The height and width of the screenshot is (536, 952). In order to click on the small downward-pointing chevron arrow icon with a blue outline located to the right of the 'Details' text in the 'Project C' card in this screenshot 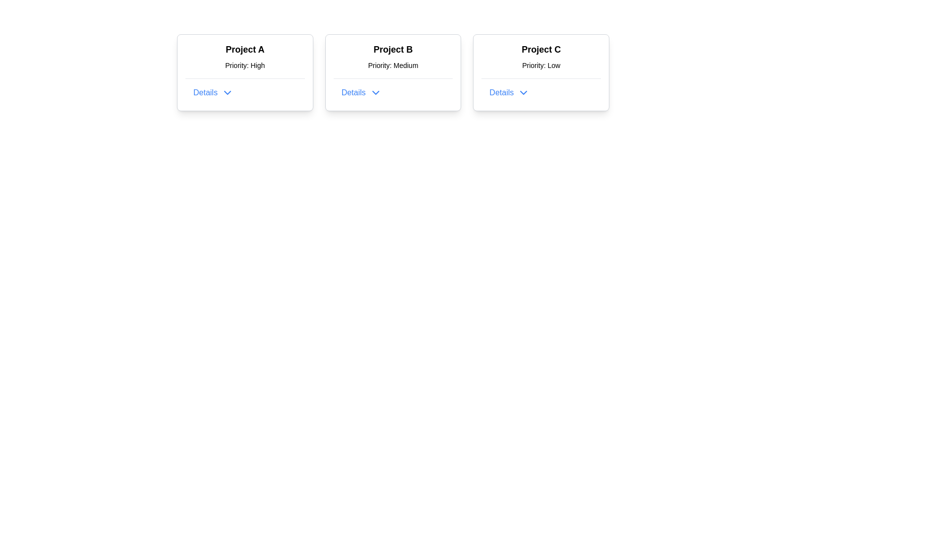, I will do `click(523, 92)`.